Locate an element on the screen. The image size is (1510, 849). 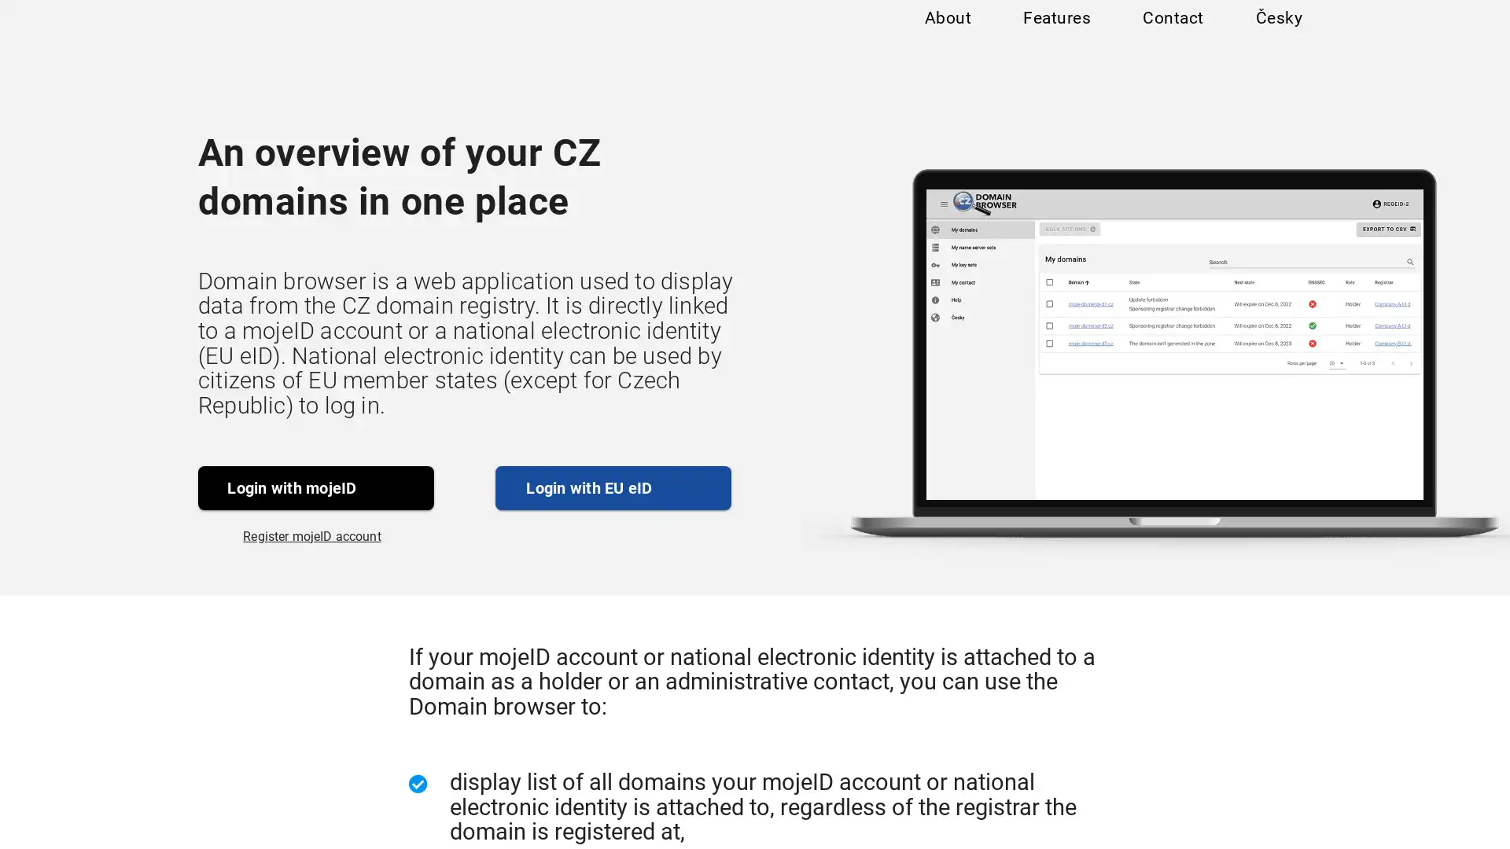
About is located at coordinates (946, 33).